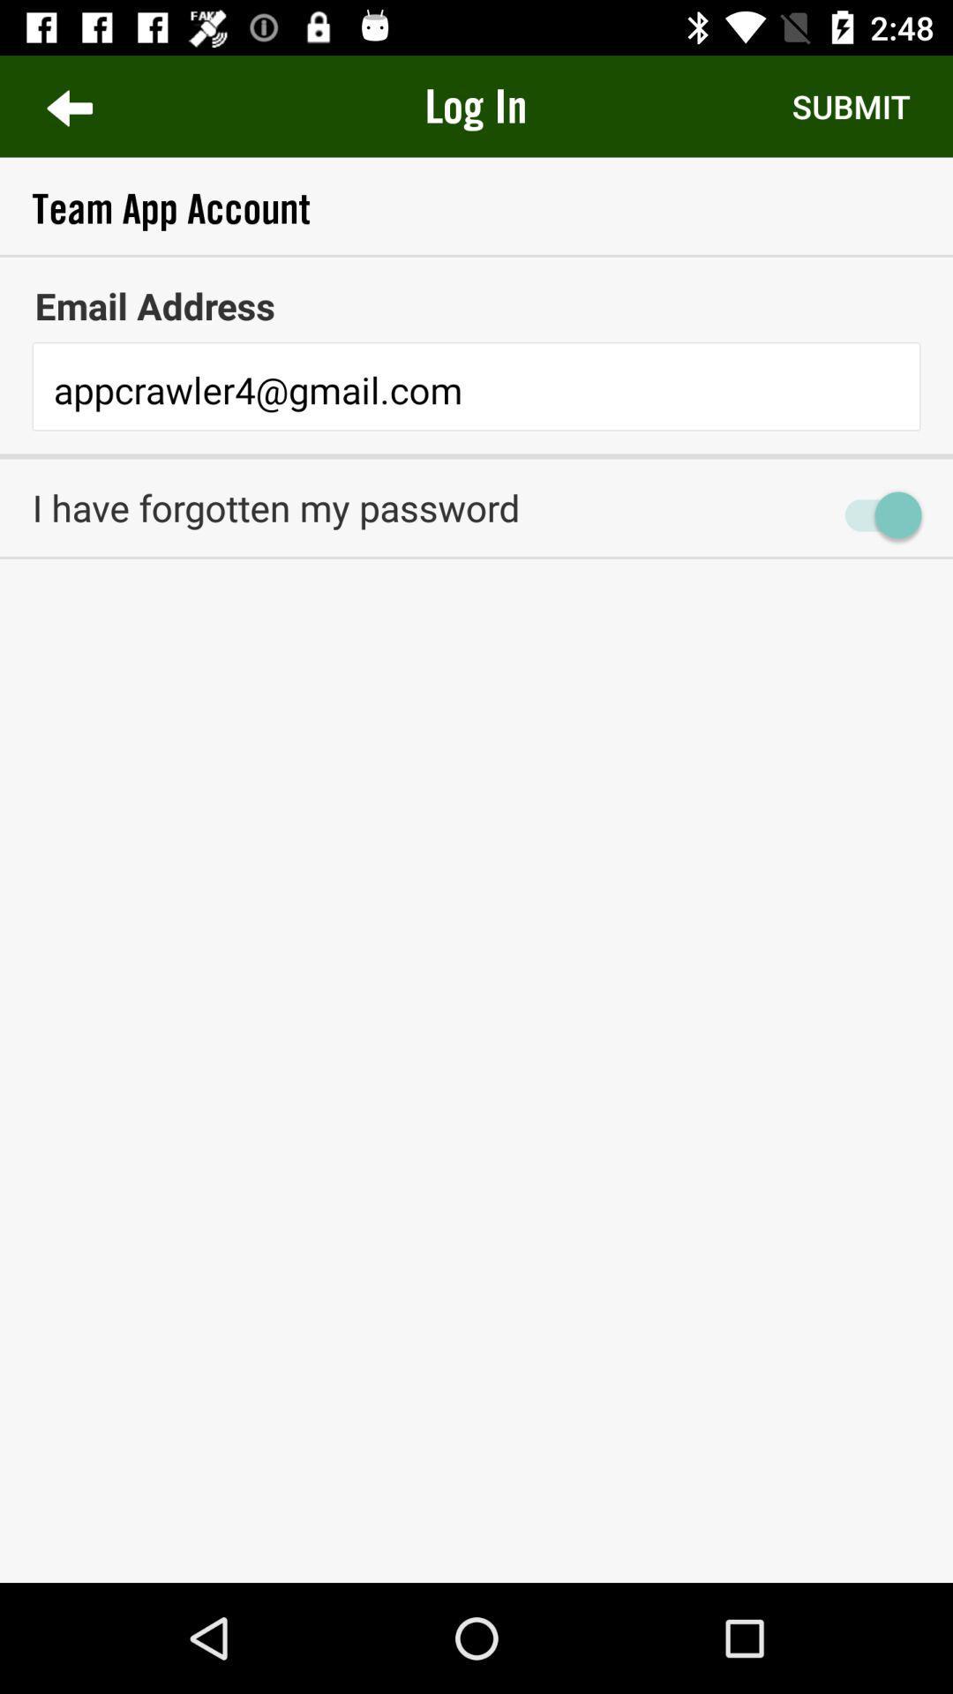 The width and height of the screenshot is (953, 1694). I want to click on appcrawler4@gmail.com icon, so click(476, 390).